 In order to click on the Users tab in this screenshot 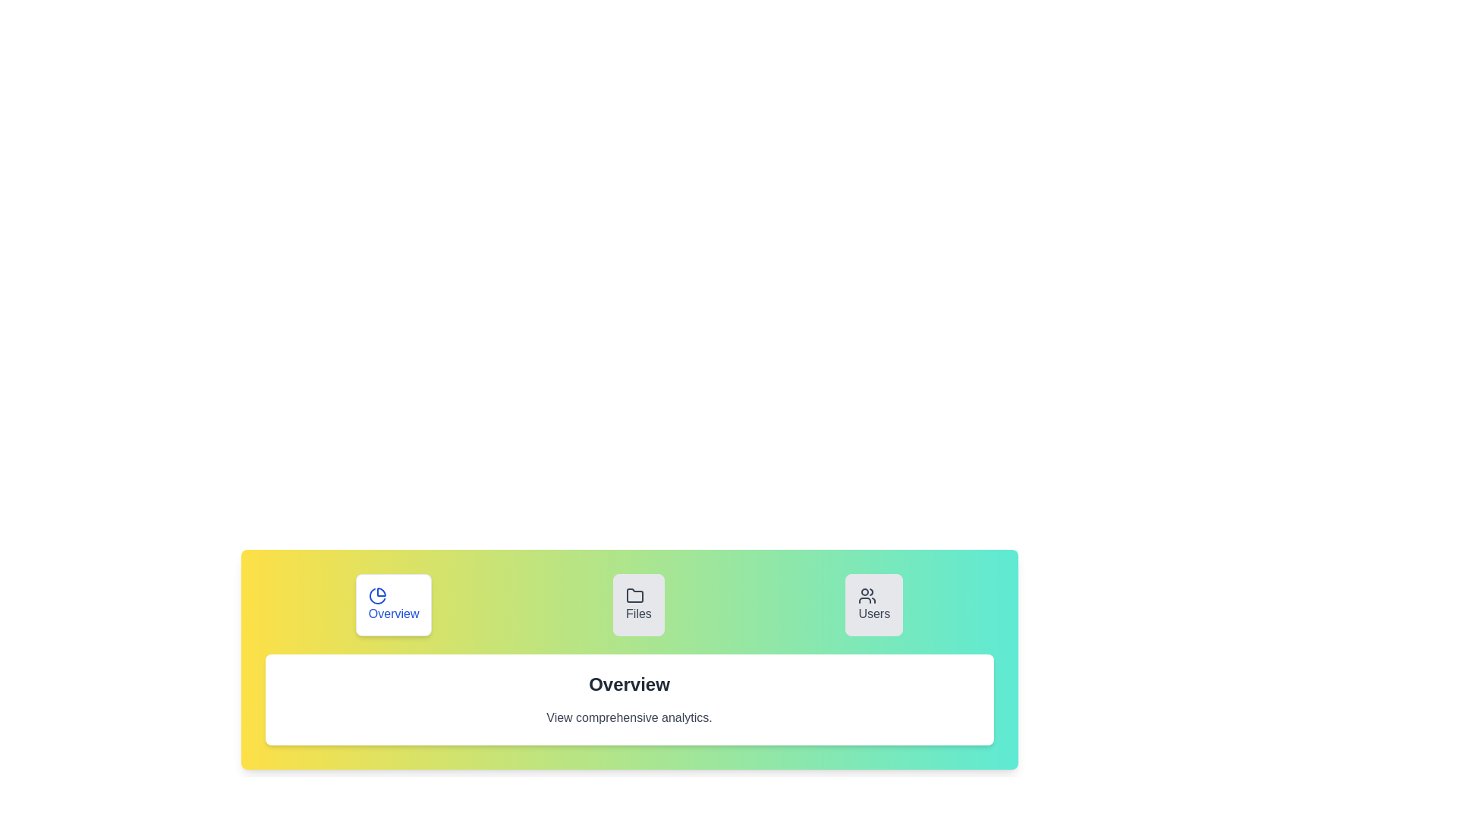, I will do `click(874, 604)`.